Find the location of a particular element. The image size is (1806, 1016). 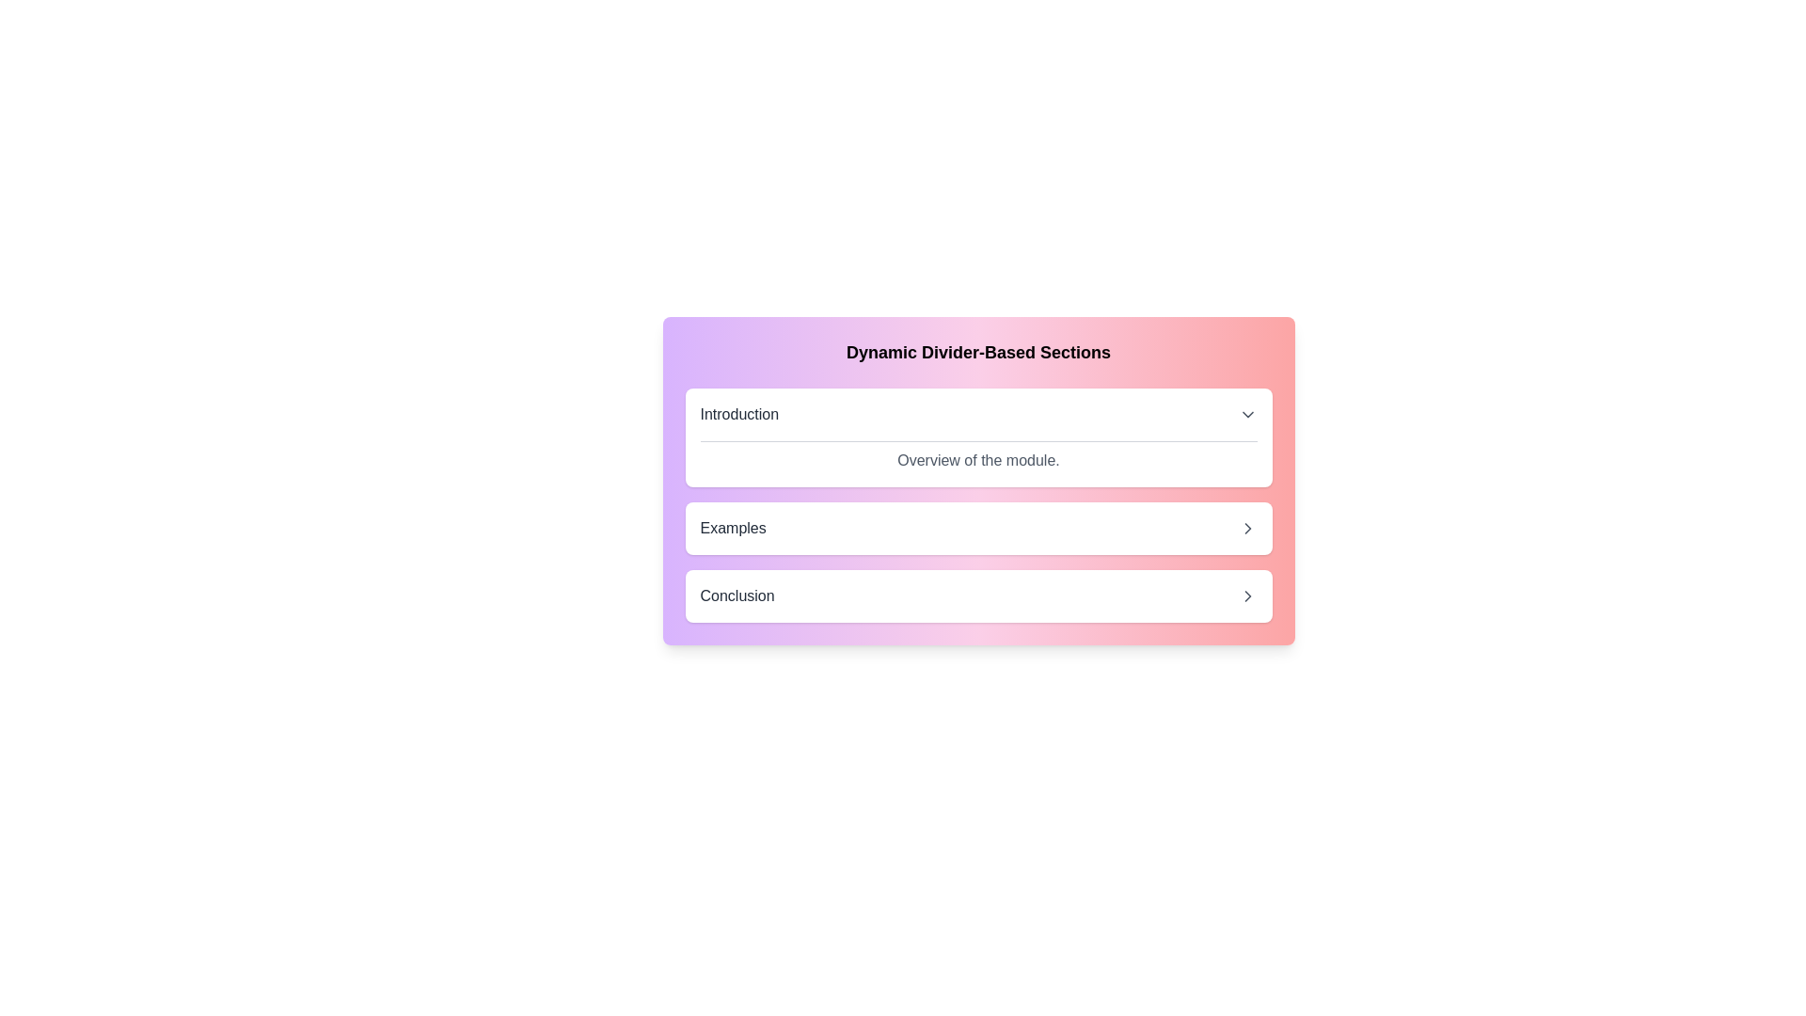

the text label displaying 'Introduction', which is styled with the class 'text-gray-800 font-medium' and is positioned at the top left of a horizontally aligned section is located at coordinates (738, 413).